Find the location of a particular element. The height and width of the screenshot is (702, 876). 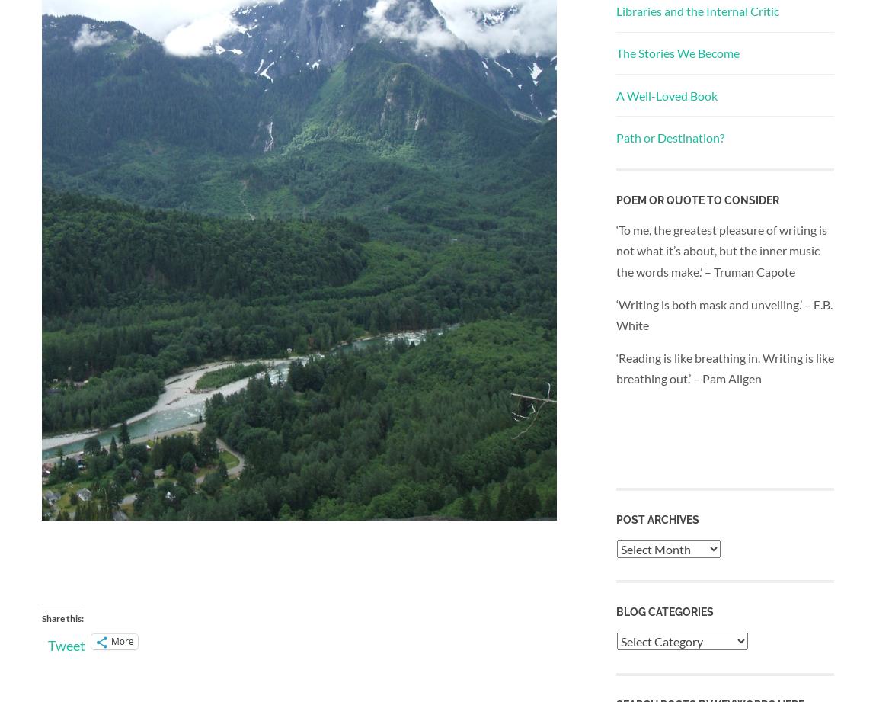

'Blog Categories' is located at coordinates (615, 611).